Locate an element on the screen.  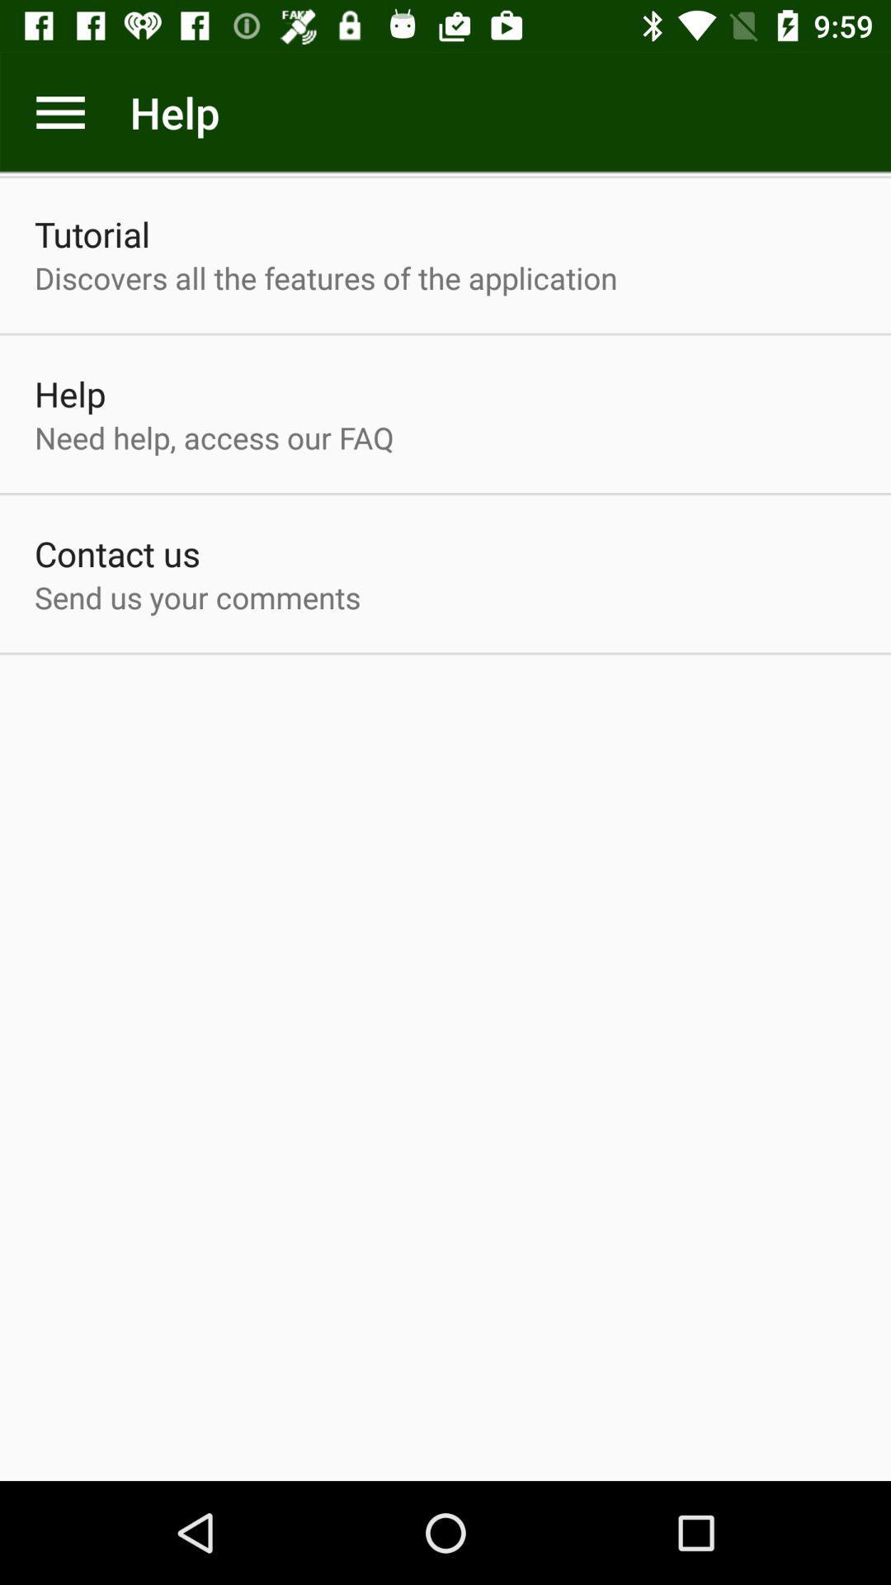
open menu is located at coordinates (59, 111).